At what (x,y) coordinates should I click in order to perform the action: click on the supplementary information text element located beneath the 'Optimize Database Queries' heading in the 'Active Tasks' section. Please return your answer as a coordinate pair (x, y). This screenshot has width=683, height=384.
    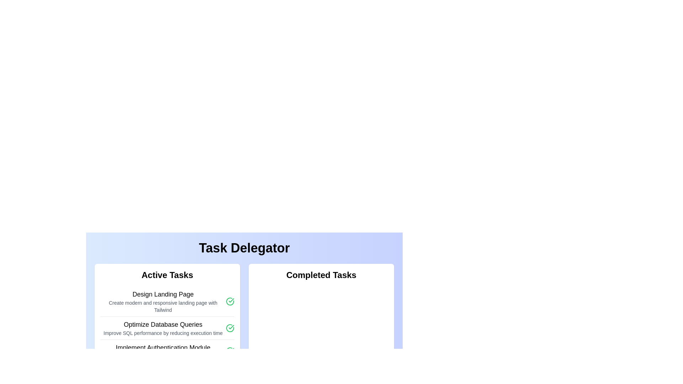
    Looking at the image, I should click on (163, 333).